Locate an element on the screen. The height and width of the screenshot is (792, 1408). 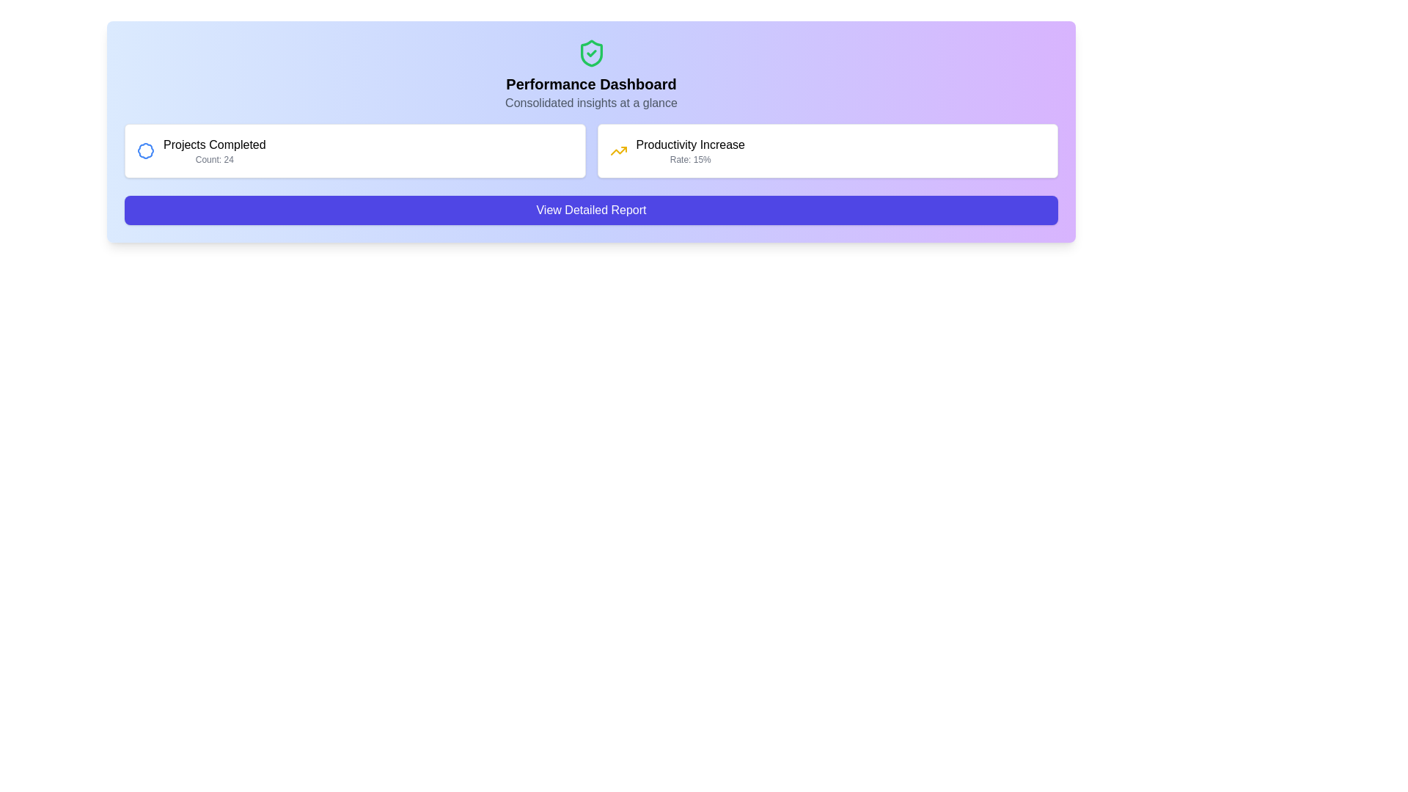
the static text label displaying 'Consolidated insights at a glance.' located beneath the header 'Performance Dashboard.' is located at coordinates (591, 103).